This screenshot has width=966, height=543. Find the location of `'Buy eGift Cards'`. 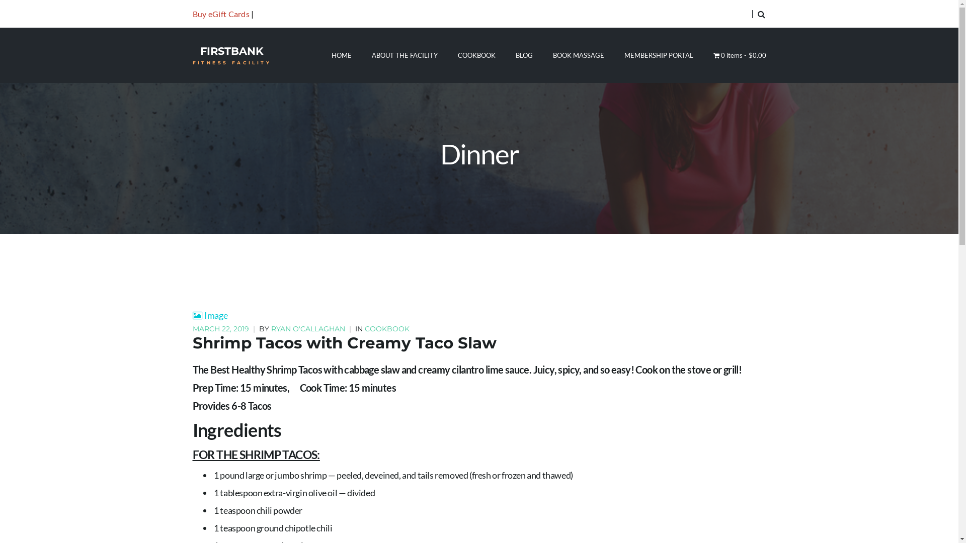

'Buy eGift Cards' is located at coordinates (220, 14).